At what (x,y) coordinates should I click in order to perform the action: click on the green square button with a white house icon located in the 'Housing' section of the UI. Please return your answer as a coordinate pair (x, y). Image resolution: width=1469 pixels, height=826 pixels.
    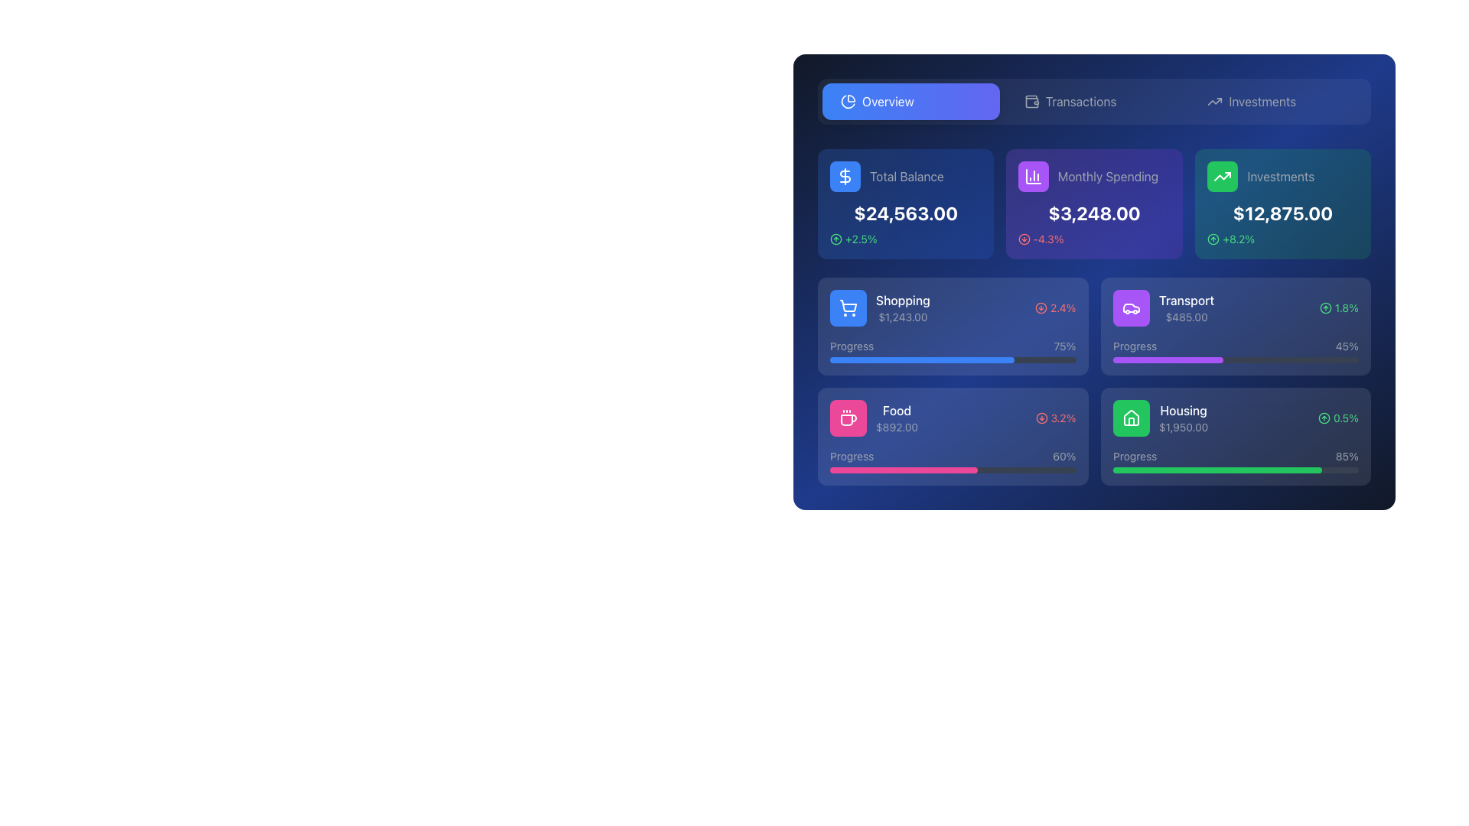
    Looking at the image, I should click on (1131, 418).